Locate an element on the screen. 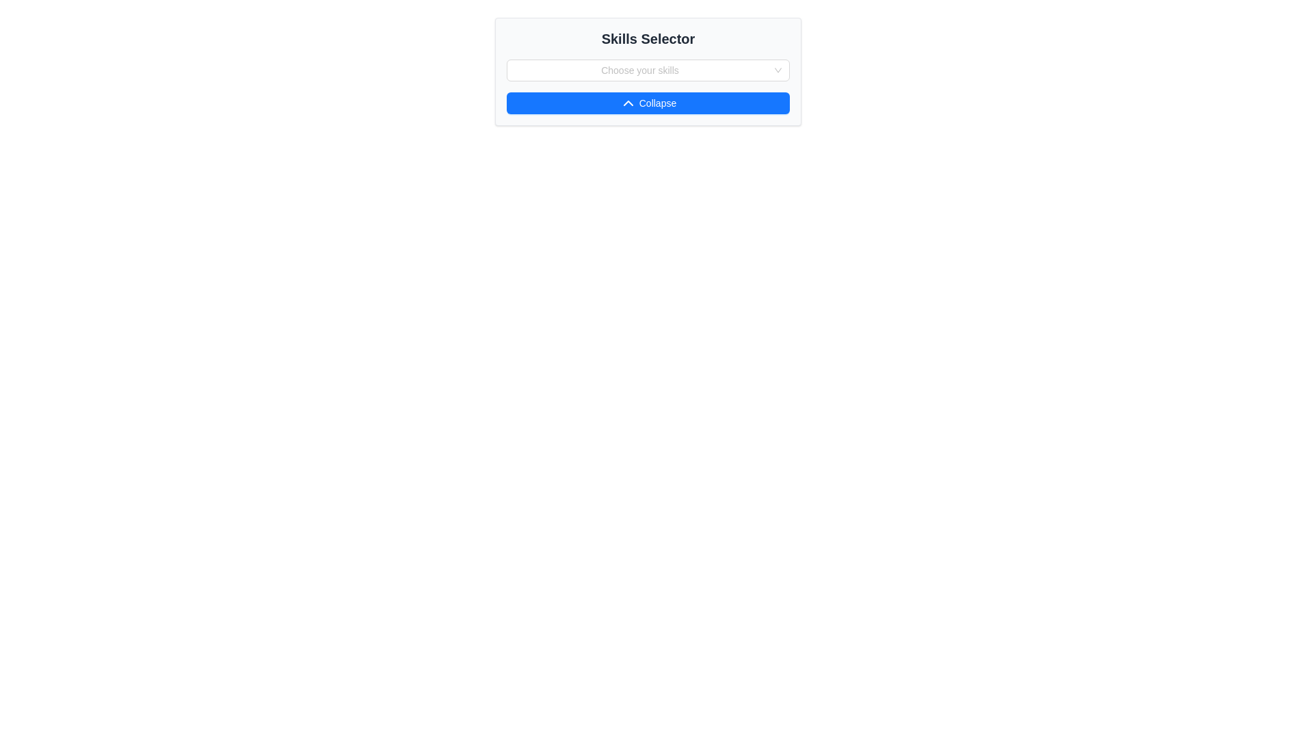 This screenshot has height=739, width=1313. the dropdown input field labeled 'Choose your skills' is located at coordinates (640, 70).